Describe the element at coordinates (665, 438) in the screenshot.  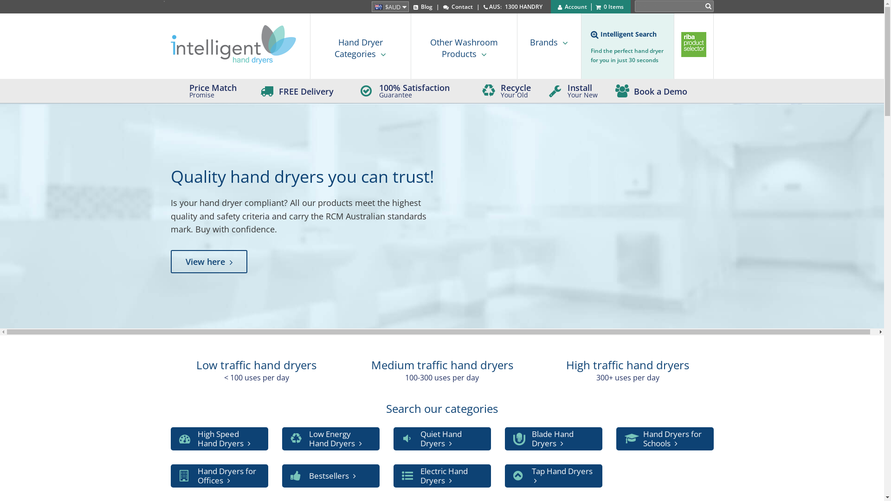
I see `'Hand Dryers for Schools'` at that location.